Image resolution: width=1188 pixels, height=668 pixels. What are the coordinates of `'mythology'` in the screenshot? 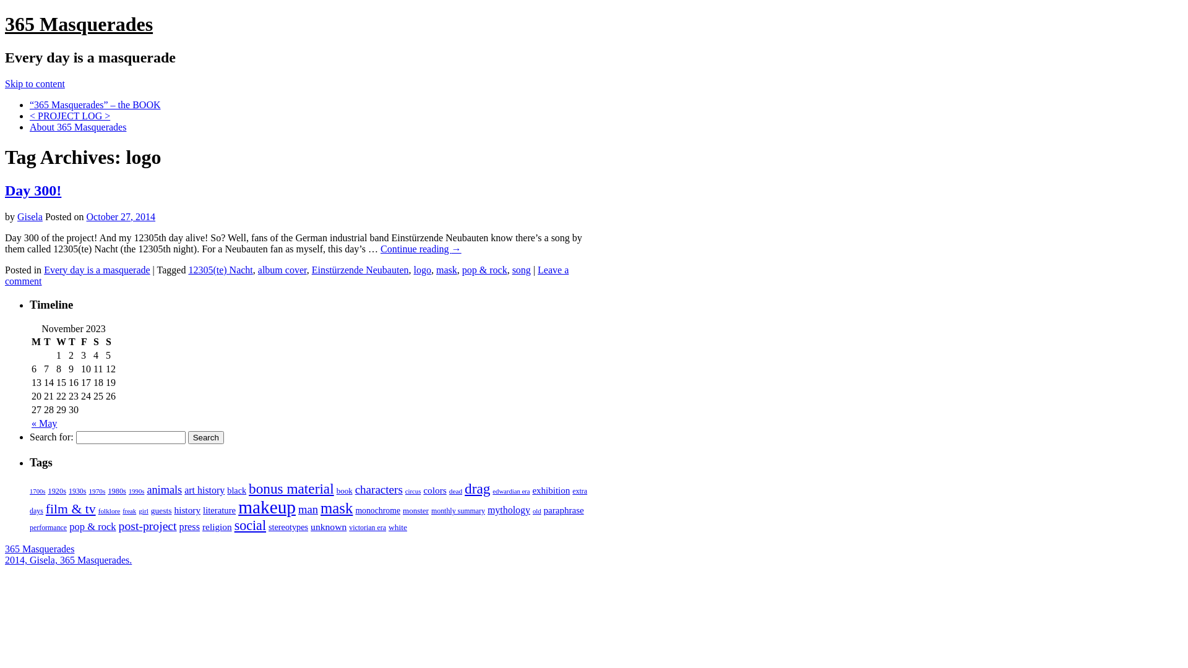 It's located at (509, 510).